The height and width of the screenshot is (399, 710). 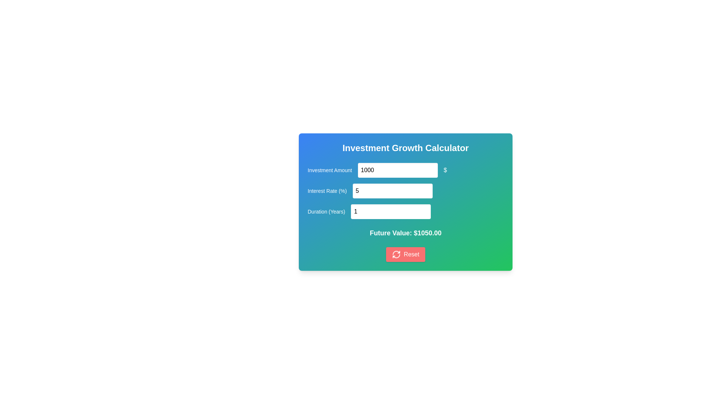 What do you see at coordinates (445, 170) in the screenshot?
I see `the static text element that indicates the currency for the 'Investment Amount' field, located immediately to the right of the numeric input box` at bounding box center [445, 170].